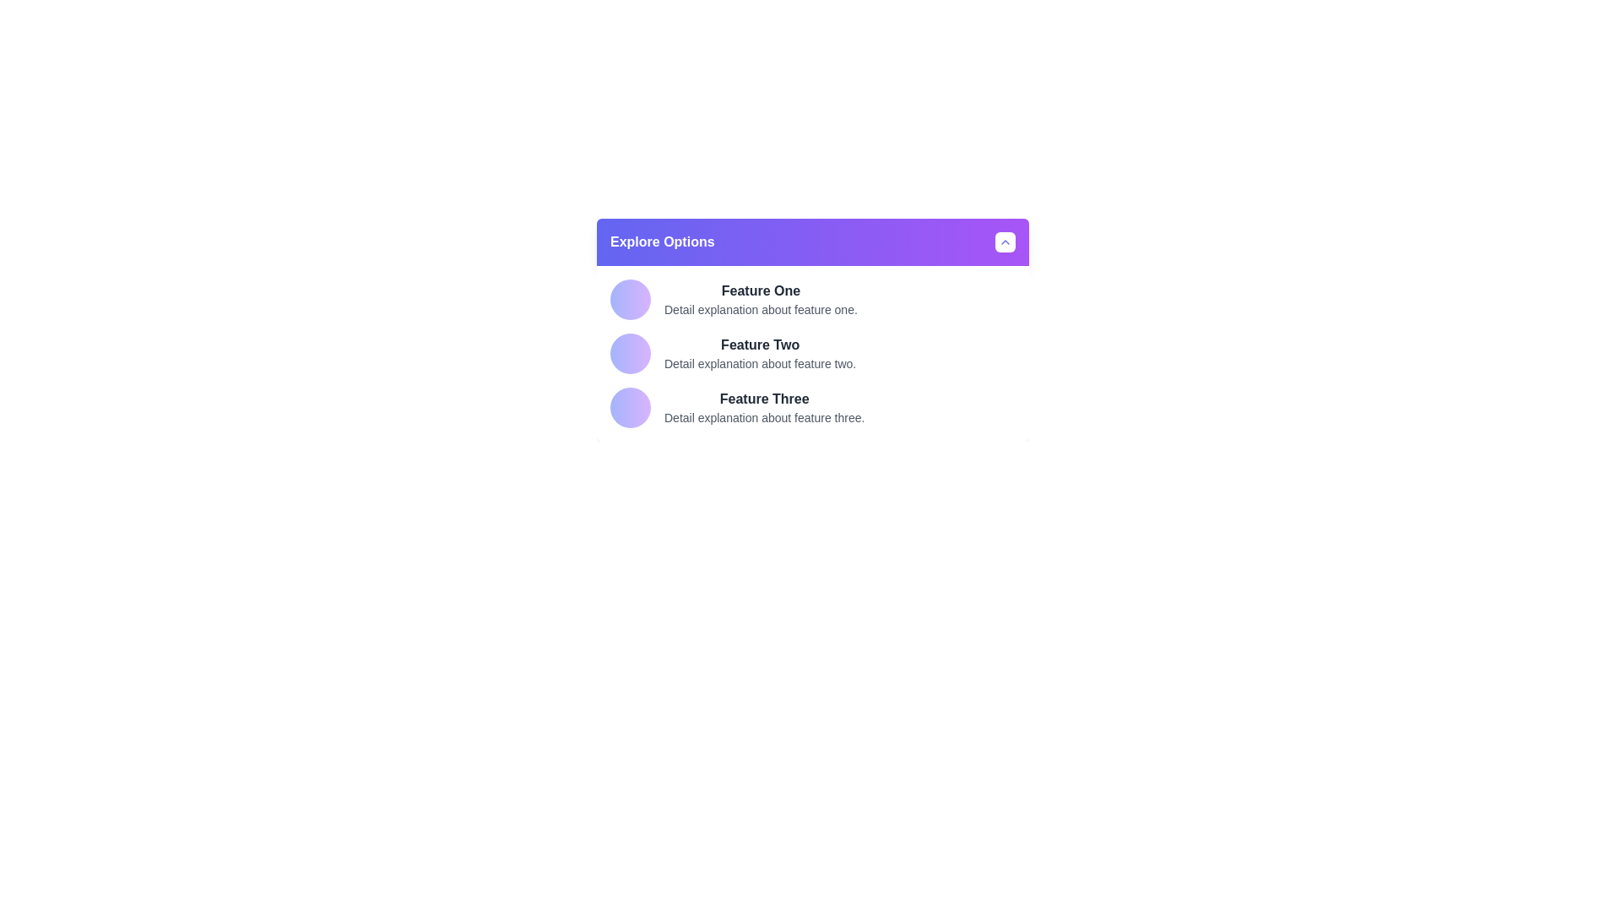 This screenshot has height=912, width=1621. What do you see at coordinates (759, 353) in the screenshot?
I see `text of the Text block element titled 'Feature Two', which includes the bolded title and descriptive text below it, located towards the right side of a circular icon` at bounding box center [759, 353].